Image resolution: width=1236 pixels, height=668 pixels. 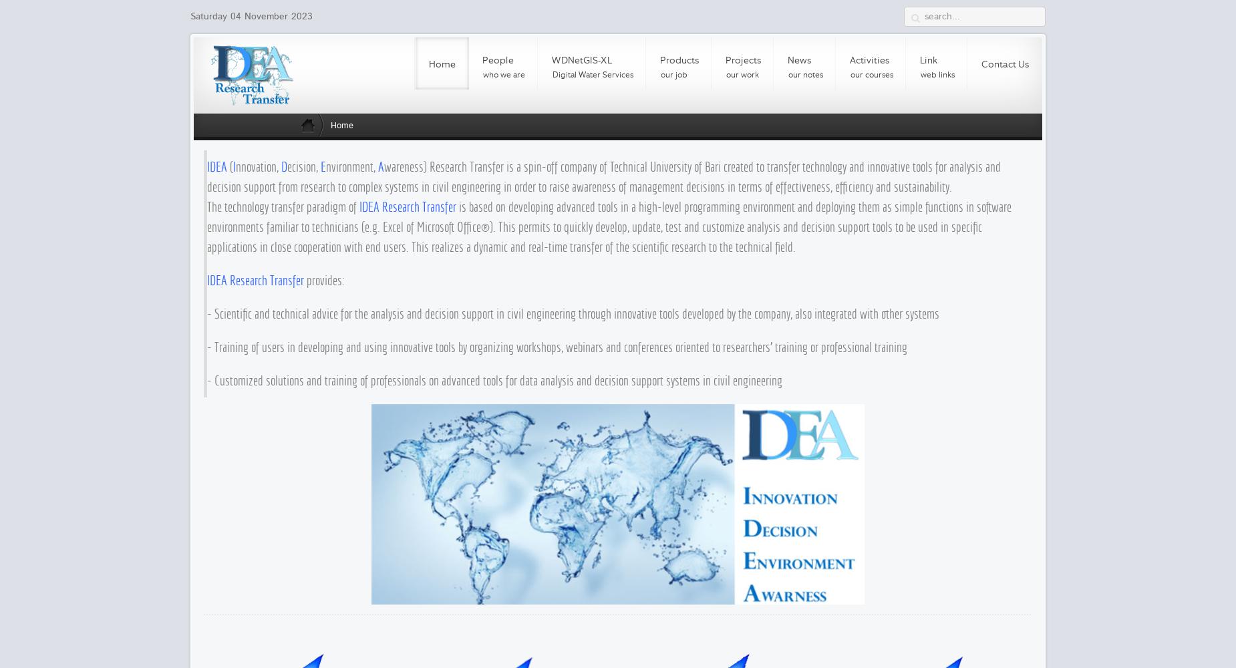 I want to click on 'Products', so click(x=659, y=59).